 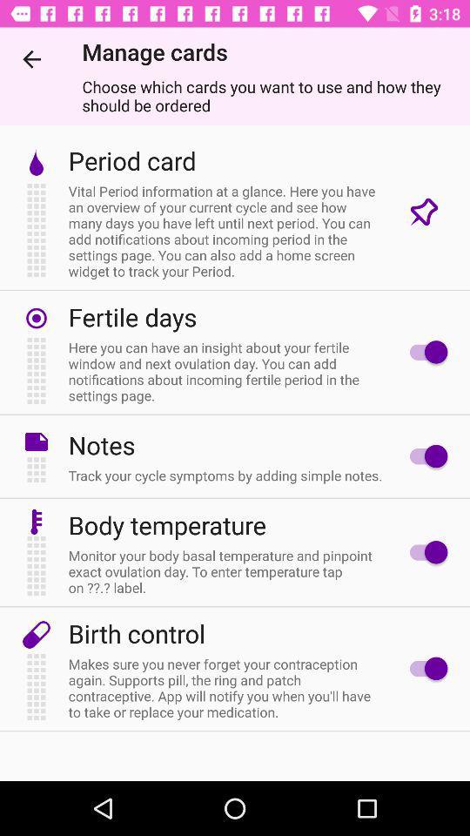 What do you see at coordinates (31, 59) in the screenshot?
I see `the icon next to the manage cards item` at bounding box center [31, 59].